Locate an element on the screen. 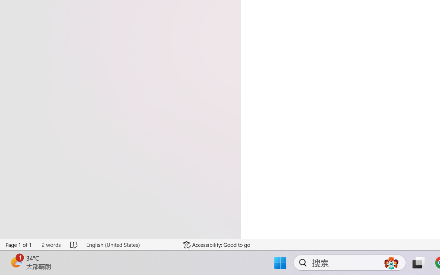  'Start' is located at coordinates (8, 267).